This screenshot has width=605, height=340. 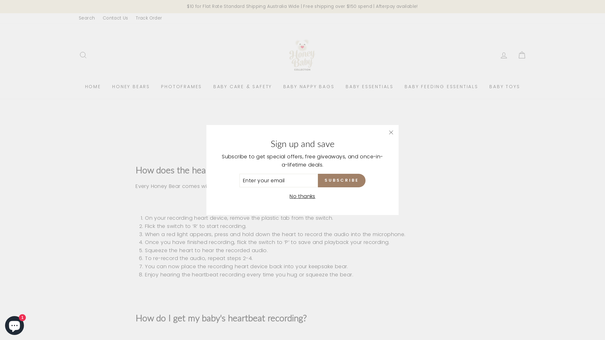 I want to click on 'Contact Us', so click(x=115, y=18).